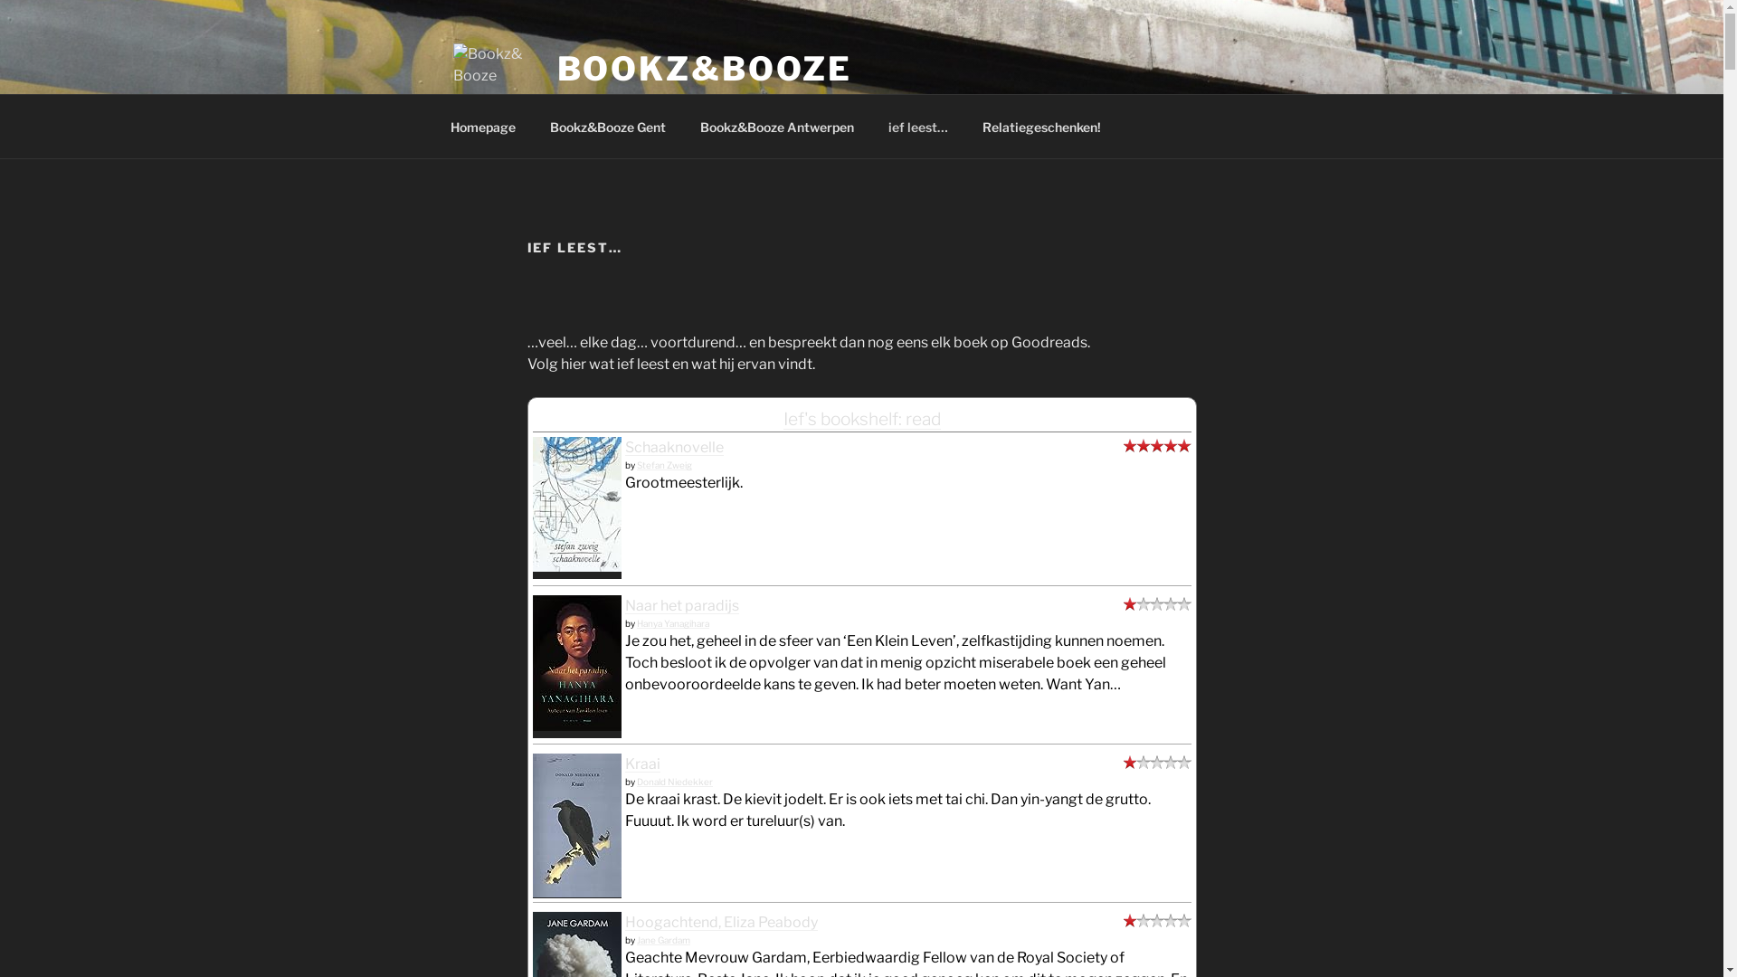 The height and width of the screenshot is (977, 1737). What do you see at coordinates (1156, 922) in the screenshot?
I see `'did not like it'` at bounding box center [1156, 922].